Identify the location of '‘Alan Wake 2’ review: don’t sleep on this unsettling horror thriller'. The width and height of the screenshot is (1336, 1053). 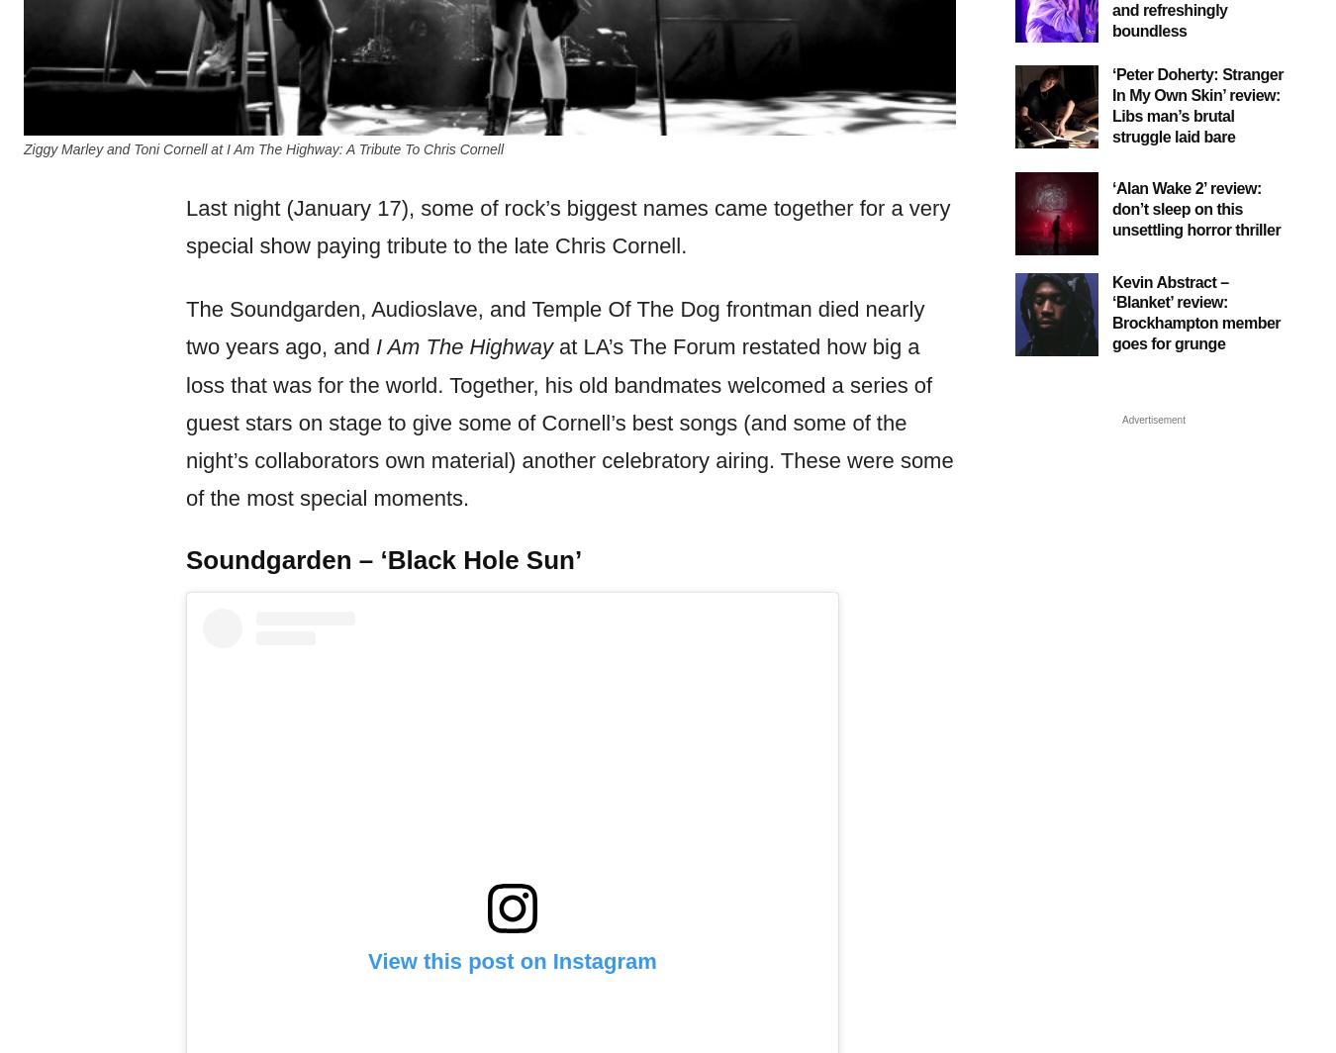
(1195, 208).